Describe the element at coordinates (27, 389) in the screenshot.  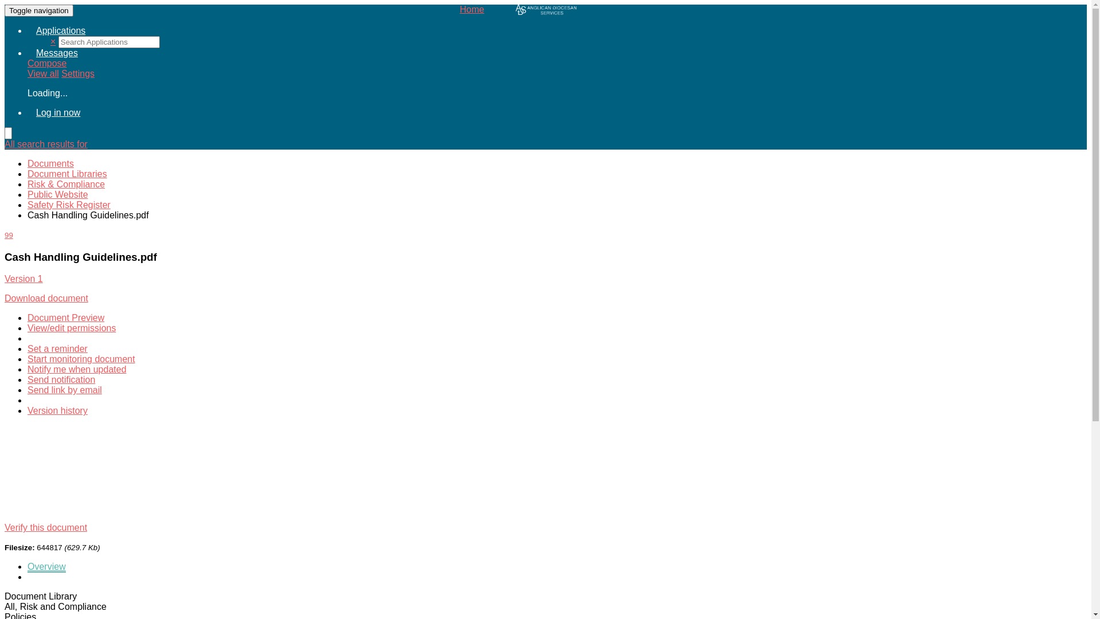
I see `'Send link by email'` at that location.